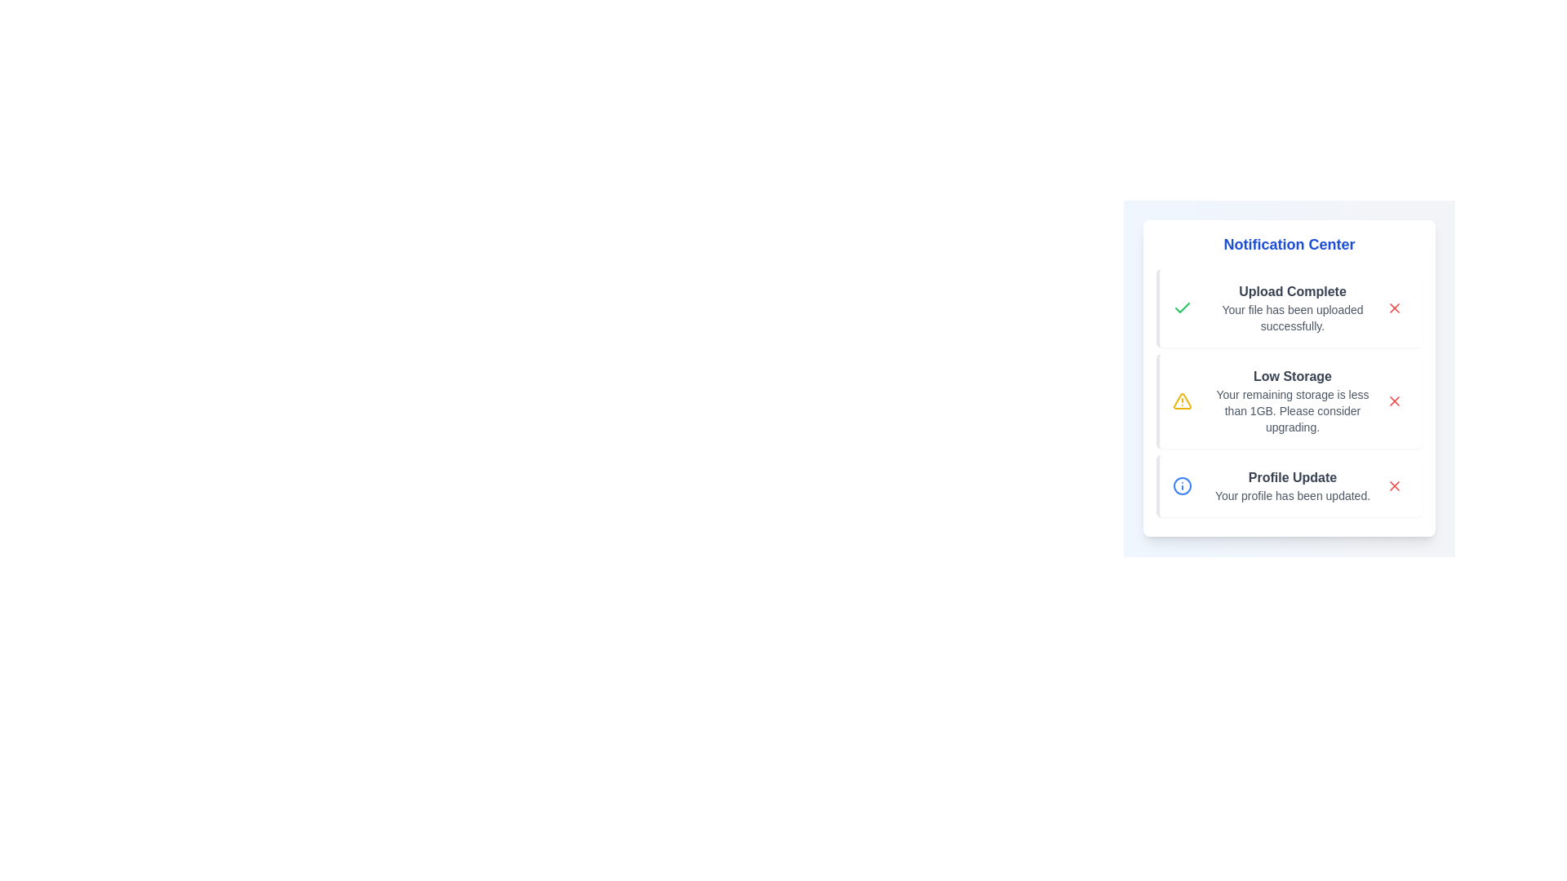 The image size is (1567, 881). I want to click on the checkmark icon located within the 'Upload Complete' notification in the Notification Center, which indicates successful file upload, so click(1183, 308).